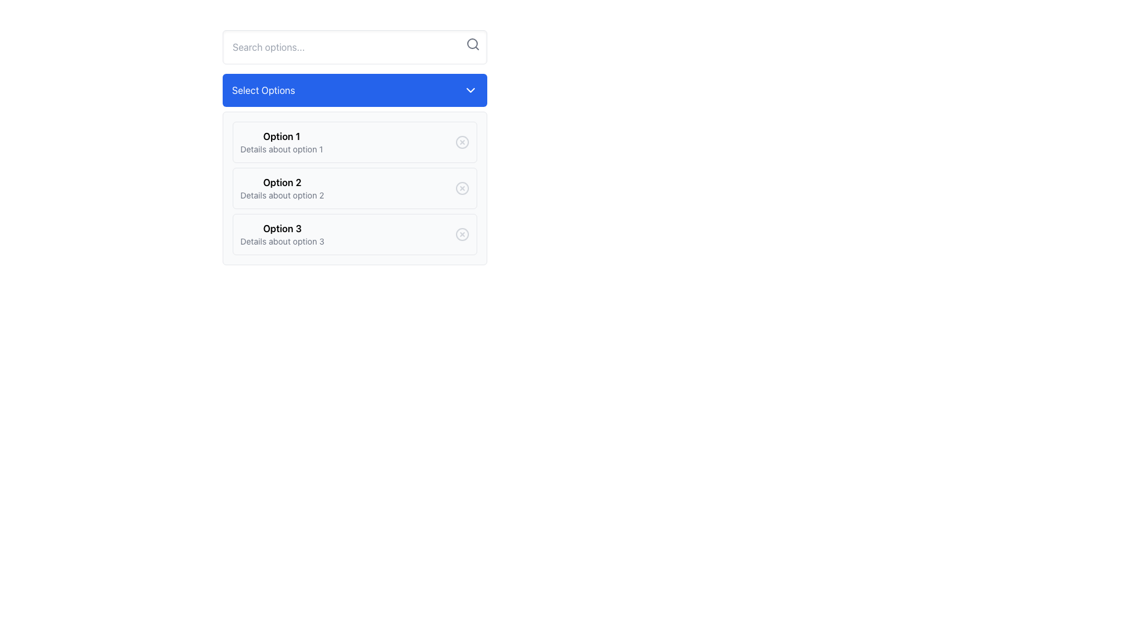 The image size is (1134, 638). I want to click on the text label styled in a smaller gray font containing 'Details about option 2', which is located beneath the bolded text 'Option 2' in the dropdown-style interface, so click(281, 195).